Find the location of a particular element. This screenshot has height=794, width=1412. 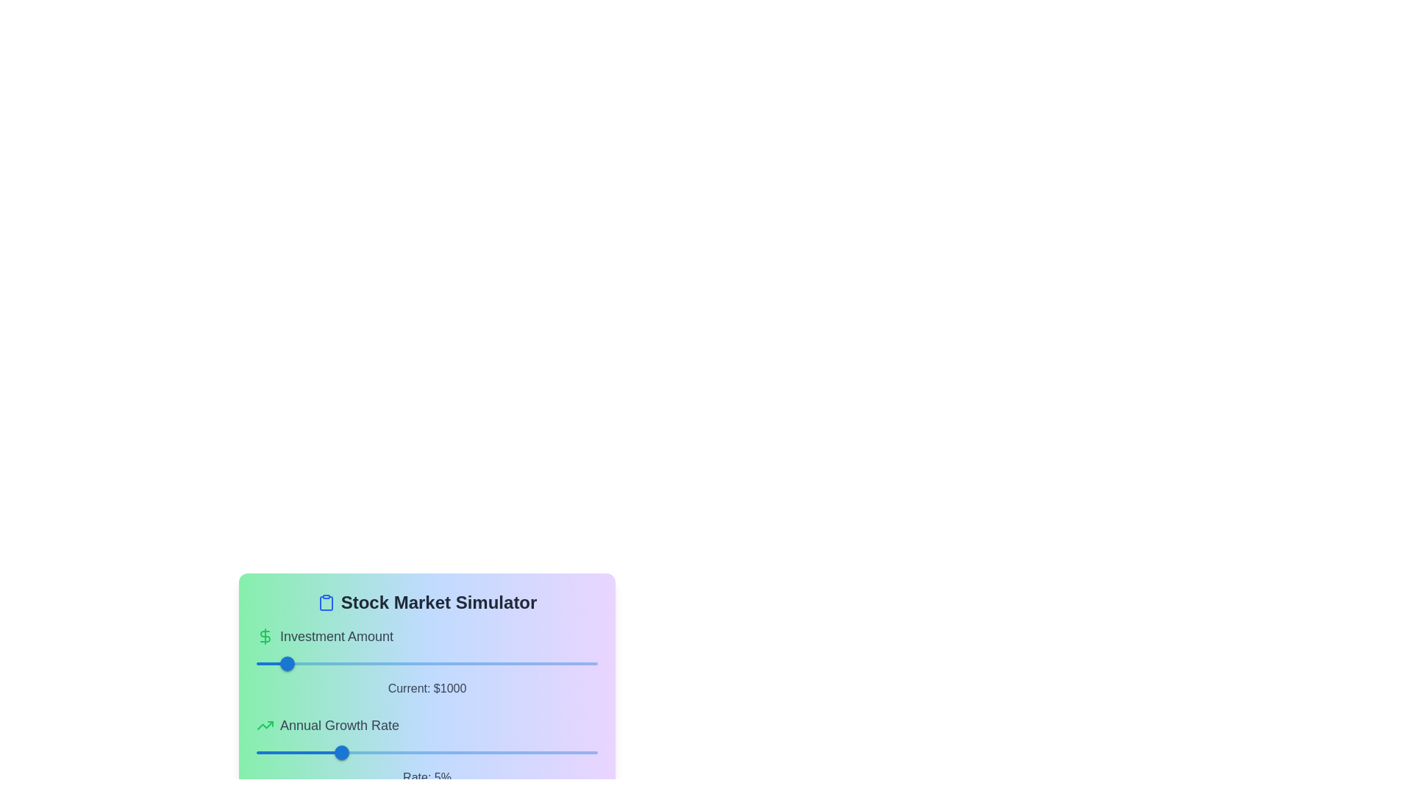

the investment amount is located at coordinates (257, 663).